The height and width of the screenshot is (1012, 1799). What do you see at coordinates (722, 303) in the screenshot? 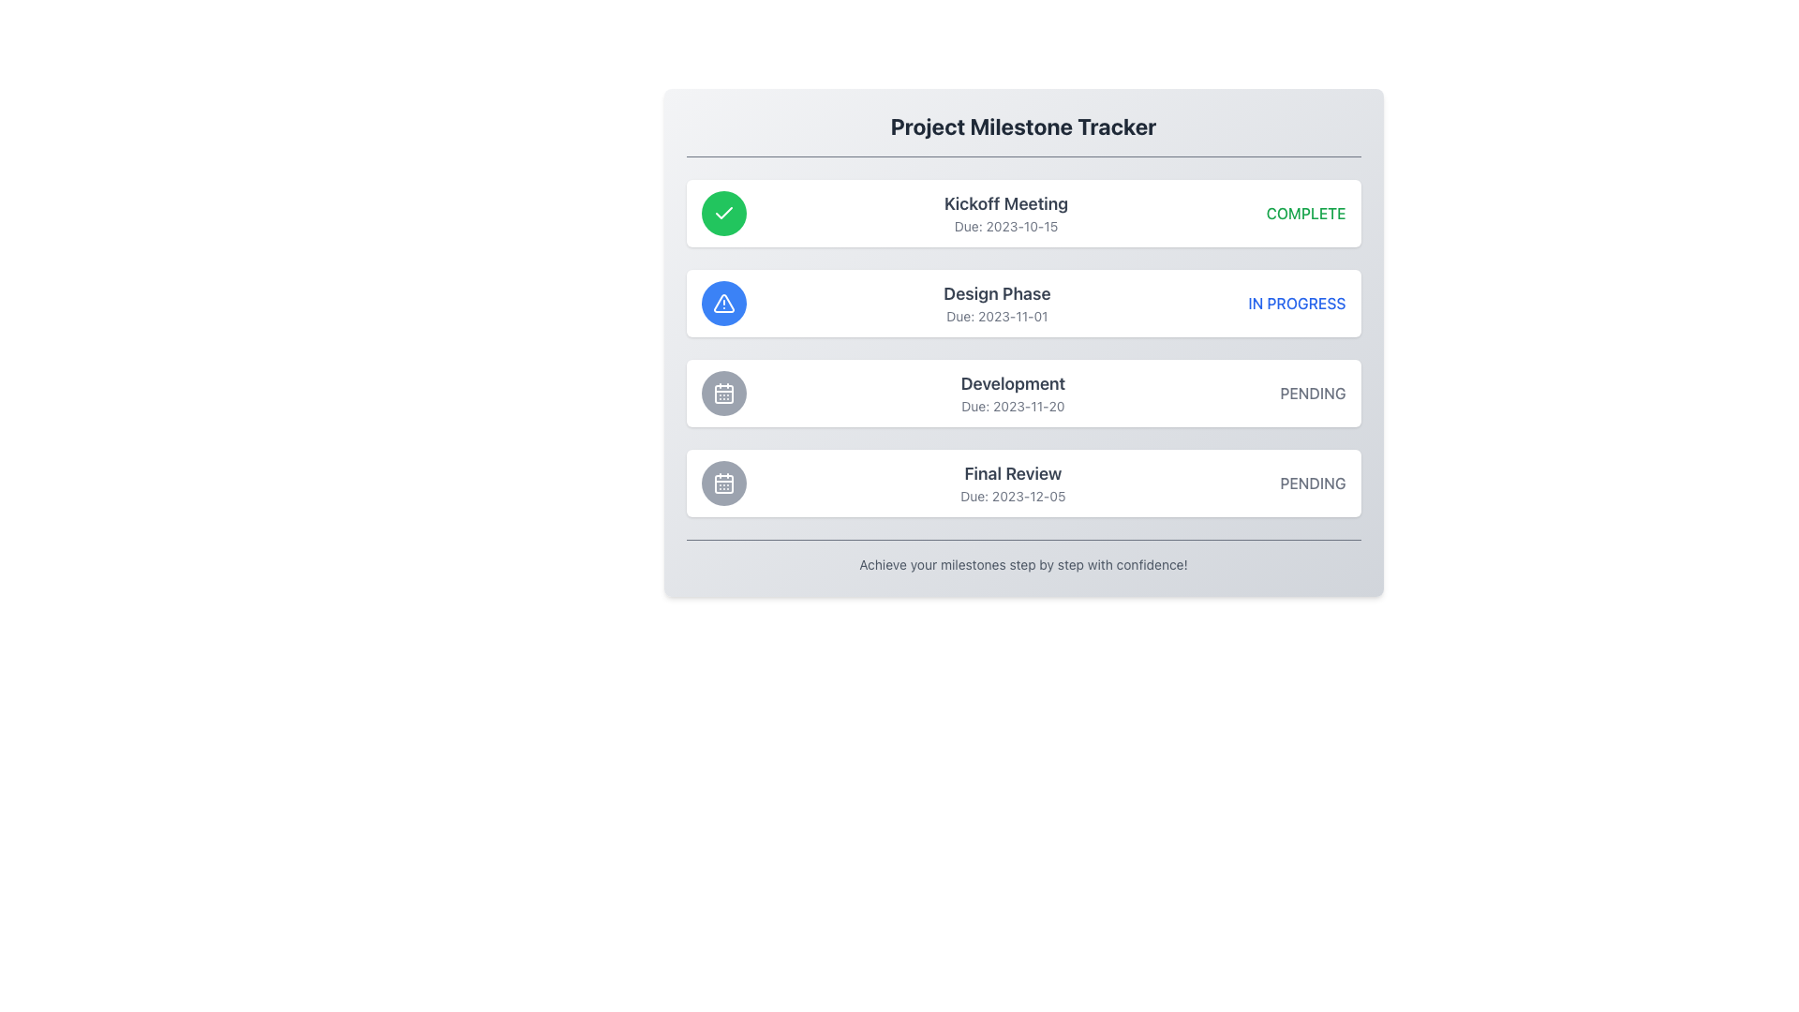
I see `the exclamation icon indicating the warning status of the 'Design Phase' milestone` at bounding box center [722, 303].